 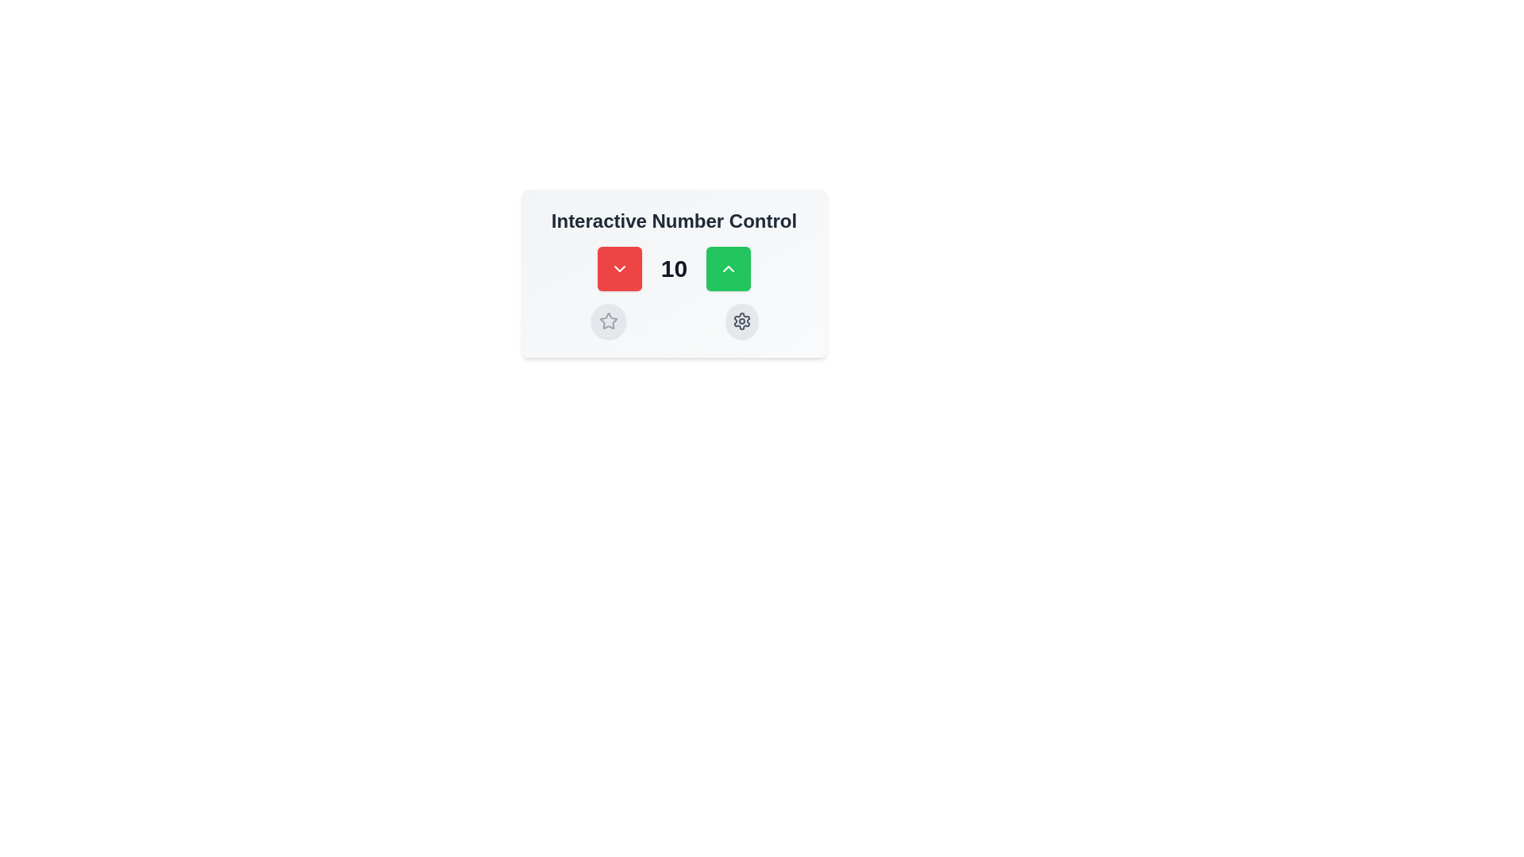 What do you see at coordinates (674, 268) in the screenshot?
I see `the numerical value '10' displayed in bold black text for extended functionality, which is centrally positioned between the red downwards arrow button on the left and the green upwards arrow button on the right` at bounding box center [674, 268].